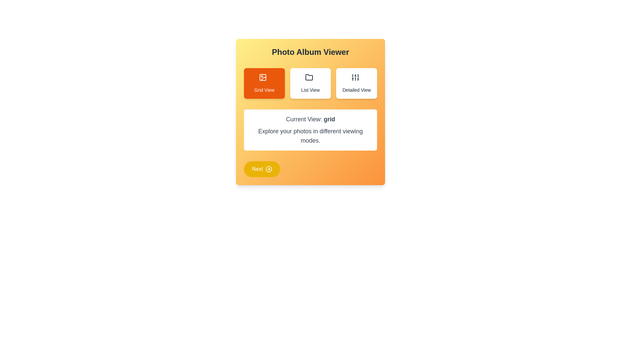 The width and height of the screenshot is (639, 359). Describe the element at coordinates (263, 77) in the screenshot. I see `the icon for the 'Grid View' button located in the top-left section of the button group in the 'Photo Album Viewer' panel` at that location.